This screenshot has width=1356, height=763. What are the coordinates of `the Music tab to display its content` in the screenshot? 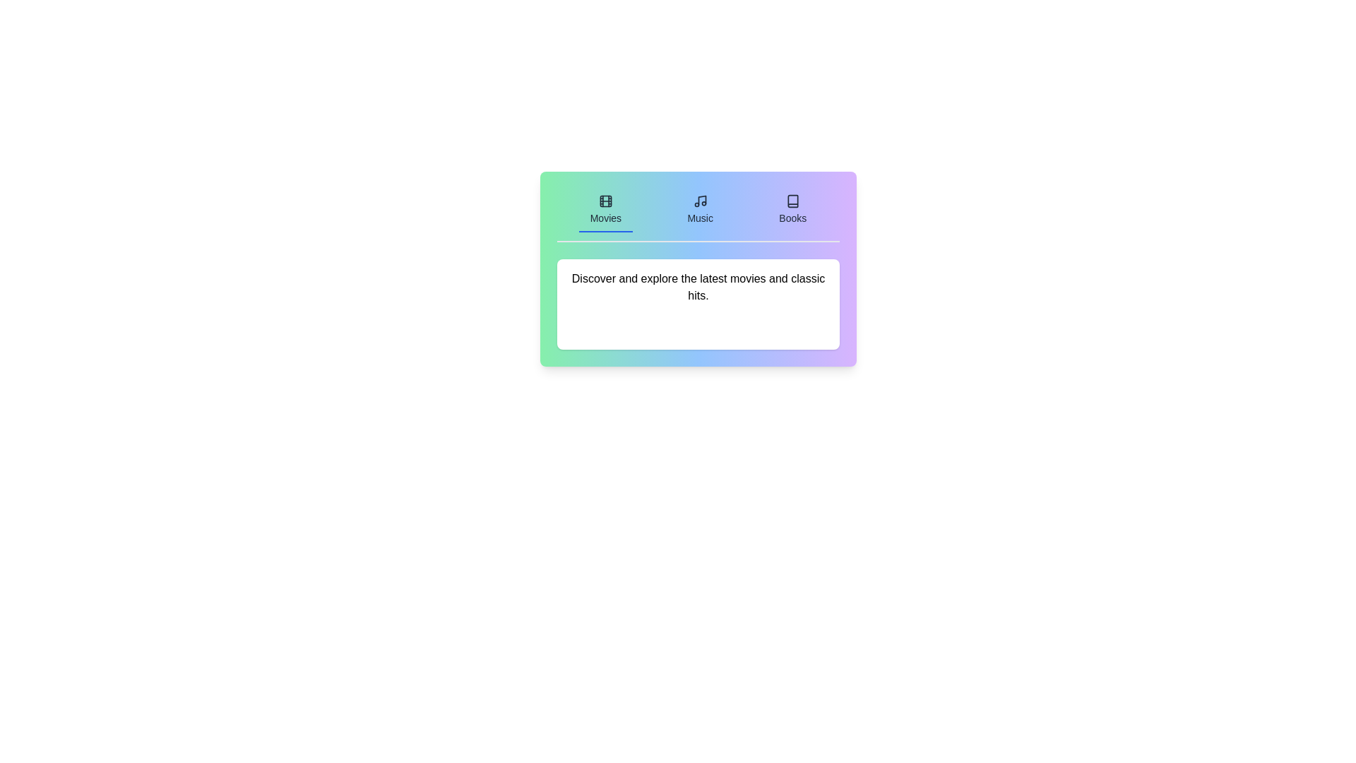 It's located at (700, 210).